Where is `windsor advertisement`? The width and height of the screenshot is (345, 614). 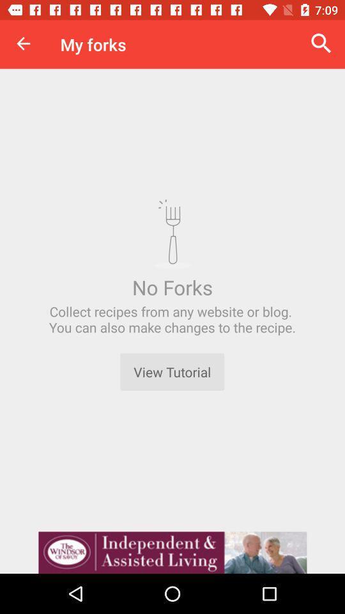
windsor advertisement is located at coordinates (172, 552).